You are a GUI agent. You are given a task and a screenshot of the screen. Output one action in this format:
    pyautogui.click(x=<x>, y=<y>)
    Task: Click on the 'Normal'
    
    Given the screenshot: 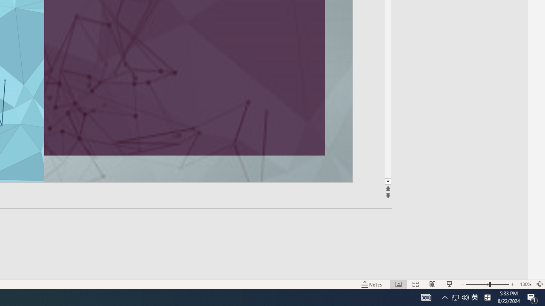 What is the action you would take?
    pyautogui.click(x=398, y=284)
    